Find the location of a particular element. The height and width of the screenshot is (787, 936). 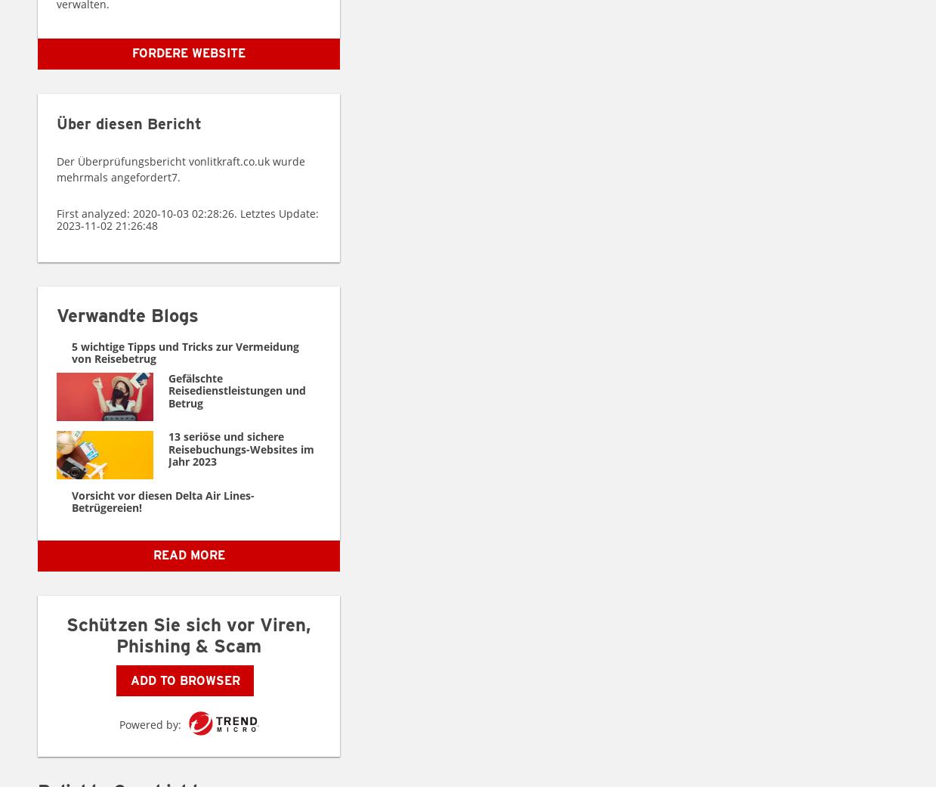

'Der Überprüfungsbericht von' is located at coordinates (131, 160).